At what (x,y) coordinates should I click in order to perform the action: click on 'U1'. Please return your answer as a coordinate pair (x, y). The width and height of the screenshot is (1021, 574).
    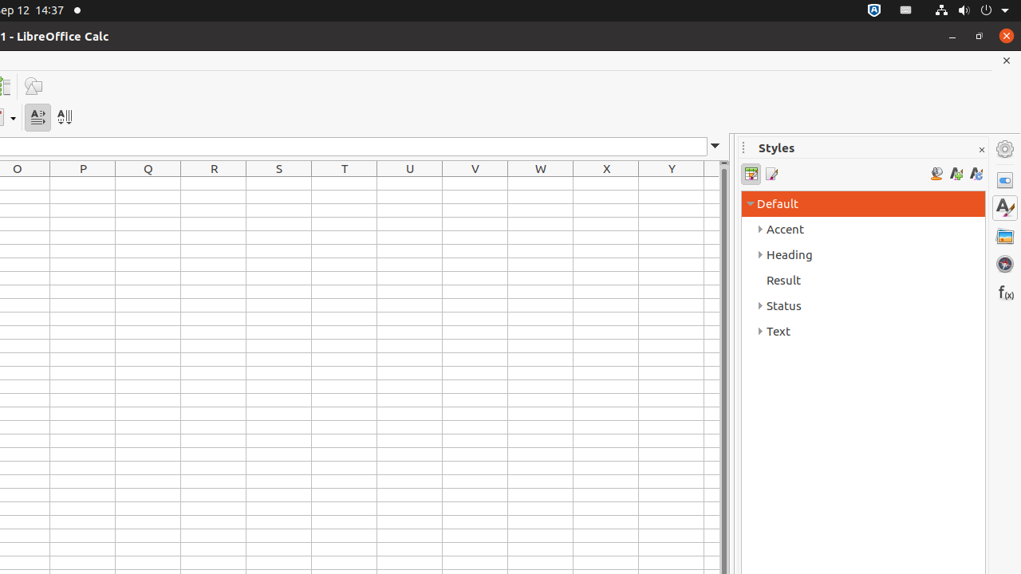
    Looking at the image, I should click on (410, 183).